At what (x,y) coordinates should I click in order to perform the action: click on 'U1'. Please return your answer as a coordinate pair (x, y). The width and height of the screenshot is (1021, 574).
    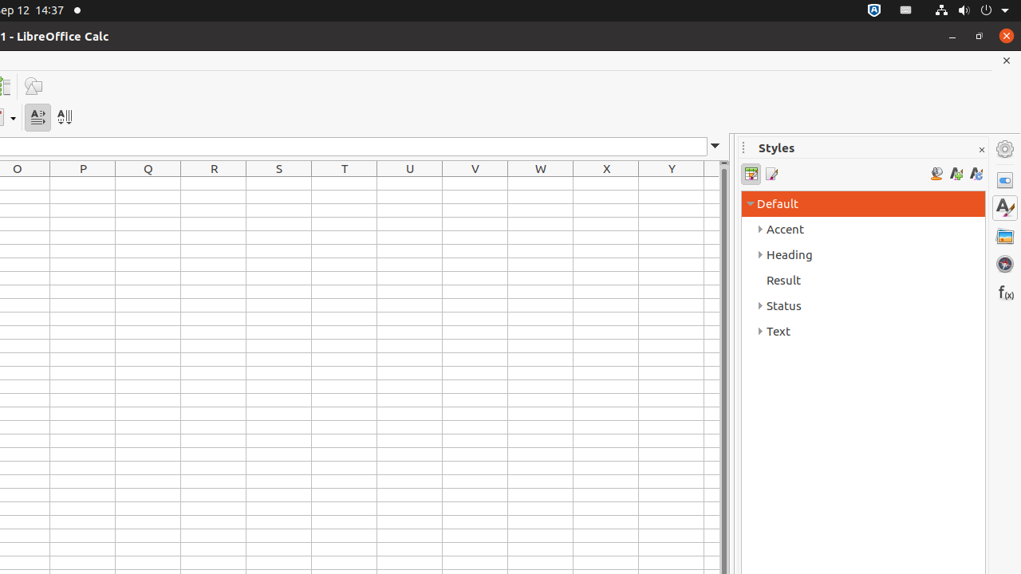
    Looking at the image, I should click on (410, 183).